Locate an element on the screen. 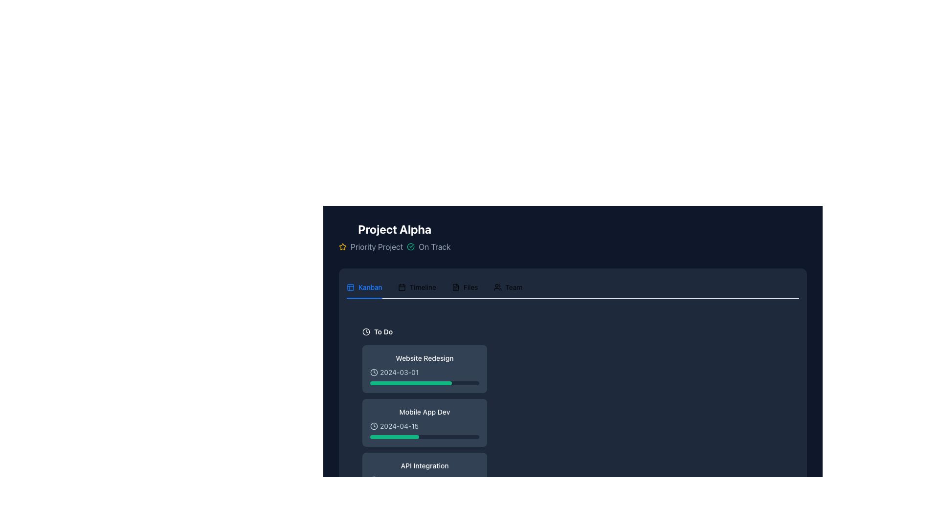  the 'Team' tab, which is the fourth tab from the left in the tab bar is located at coordinates (508, 286).